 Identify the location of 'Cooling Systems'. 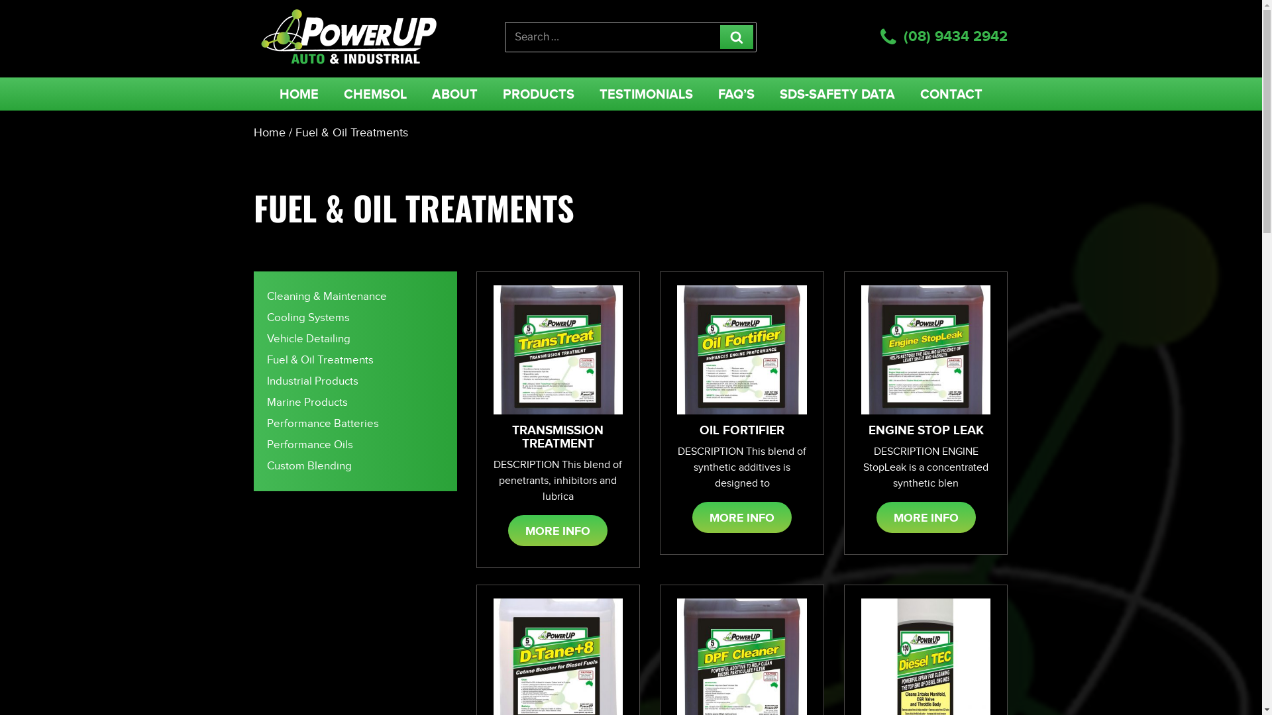
(307, 317).